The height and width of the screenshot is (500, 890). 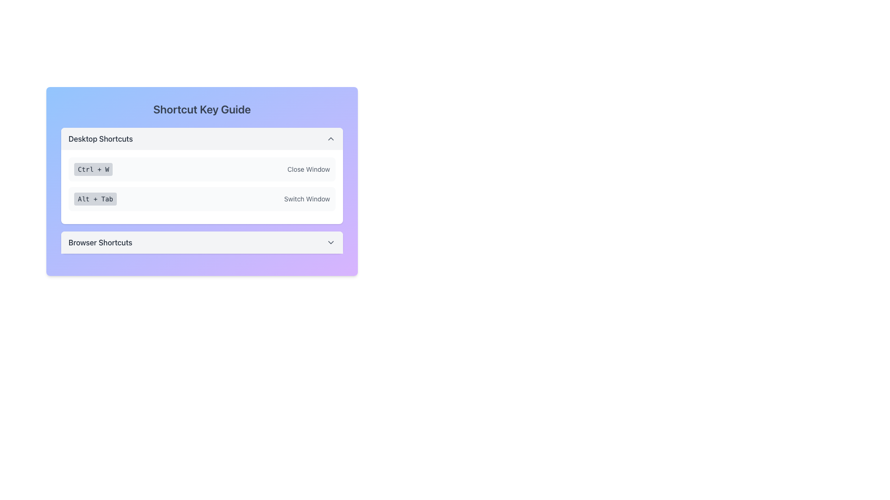 I want to click on the toggle button located in the top-right corner of the 'Desktop Shortcuts' section header, so click(x=331, y=139).